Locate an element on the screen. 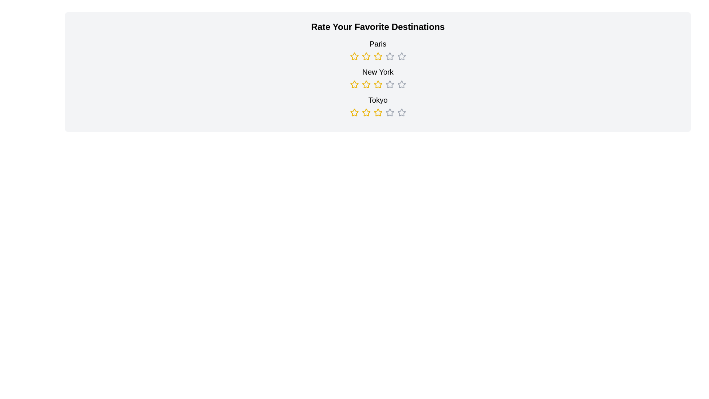 The width and height of the screenshot is (709, 399). the fourth star icon in the rating row for 'Paris' is located at coordinates (401, 56).